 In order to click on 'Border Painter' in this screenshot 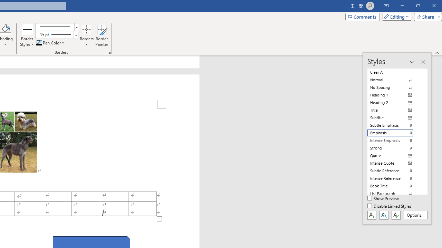, I will do `click(102, 35)`.